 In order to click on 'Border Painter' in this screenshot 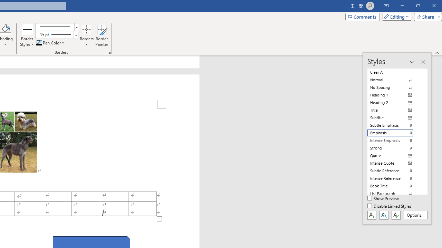, I will do `click(102, 35)`.